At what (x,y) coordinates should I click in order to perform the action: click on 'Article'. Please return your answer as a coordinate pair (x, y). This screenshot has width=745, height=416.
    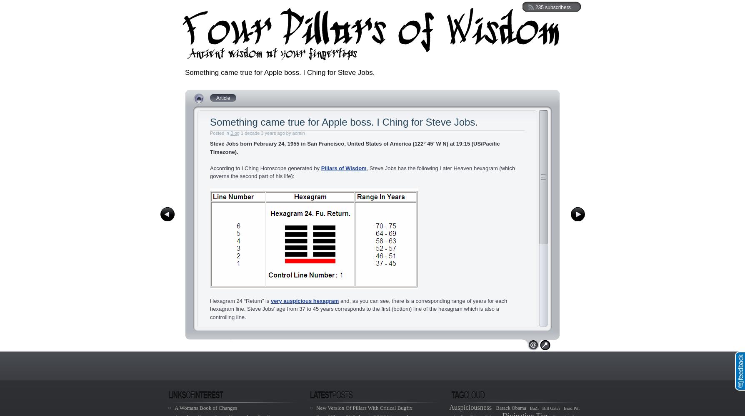
    Looking at the image, I should click on (223, 98).